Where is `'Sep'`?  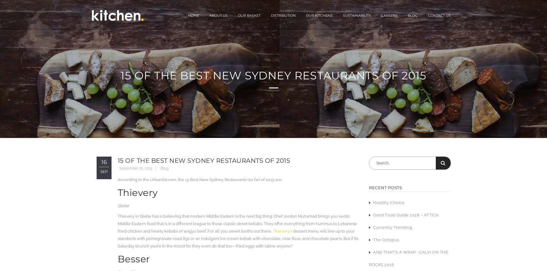
'Sep' is located at coordinates (103, 171).